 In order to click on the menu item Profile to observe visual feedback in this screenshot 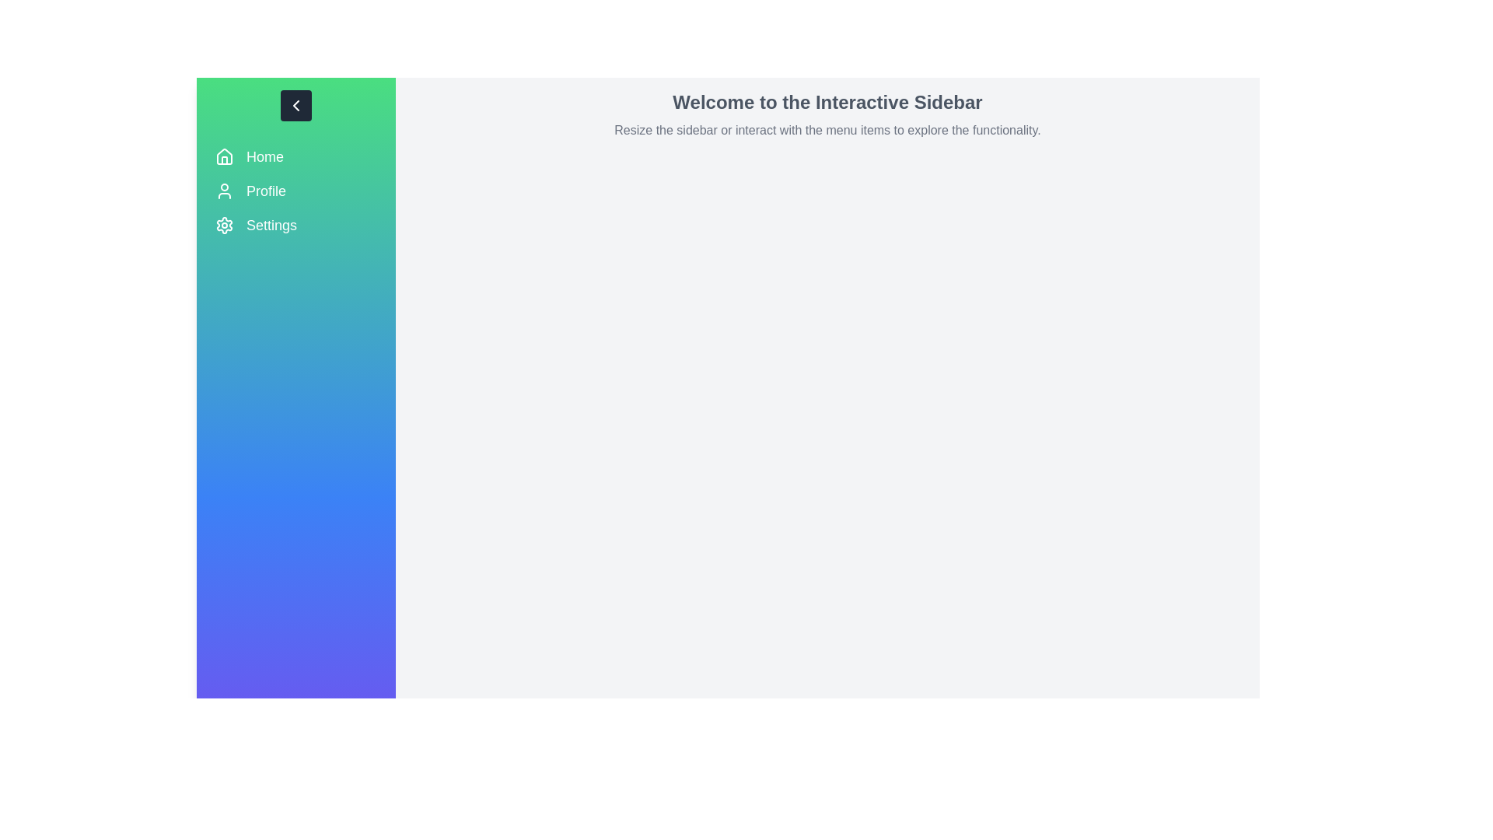, I will do `click(295, 191)`.